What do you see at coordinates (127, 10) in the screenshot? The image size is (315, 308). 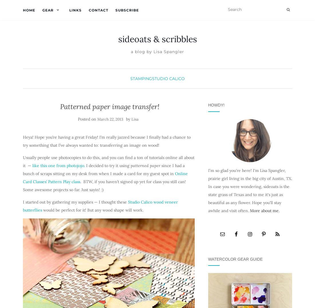 I see `'Subscribe'` at bounding box center [127, 10].